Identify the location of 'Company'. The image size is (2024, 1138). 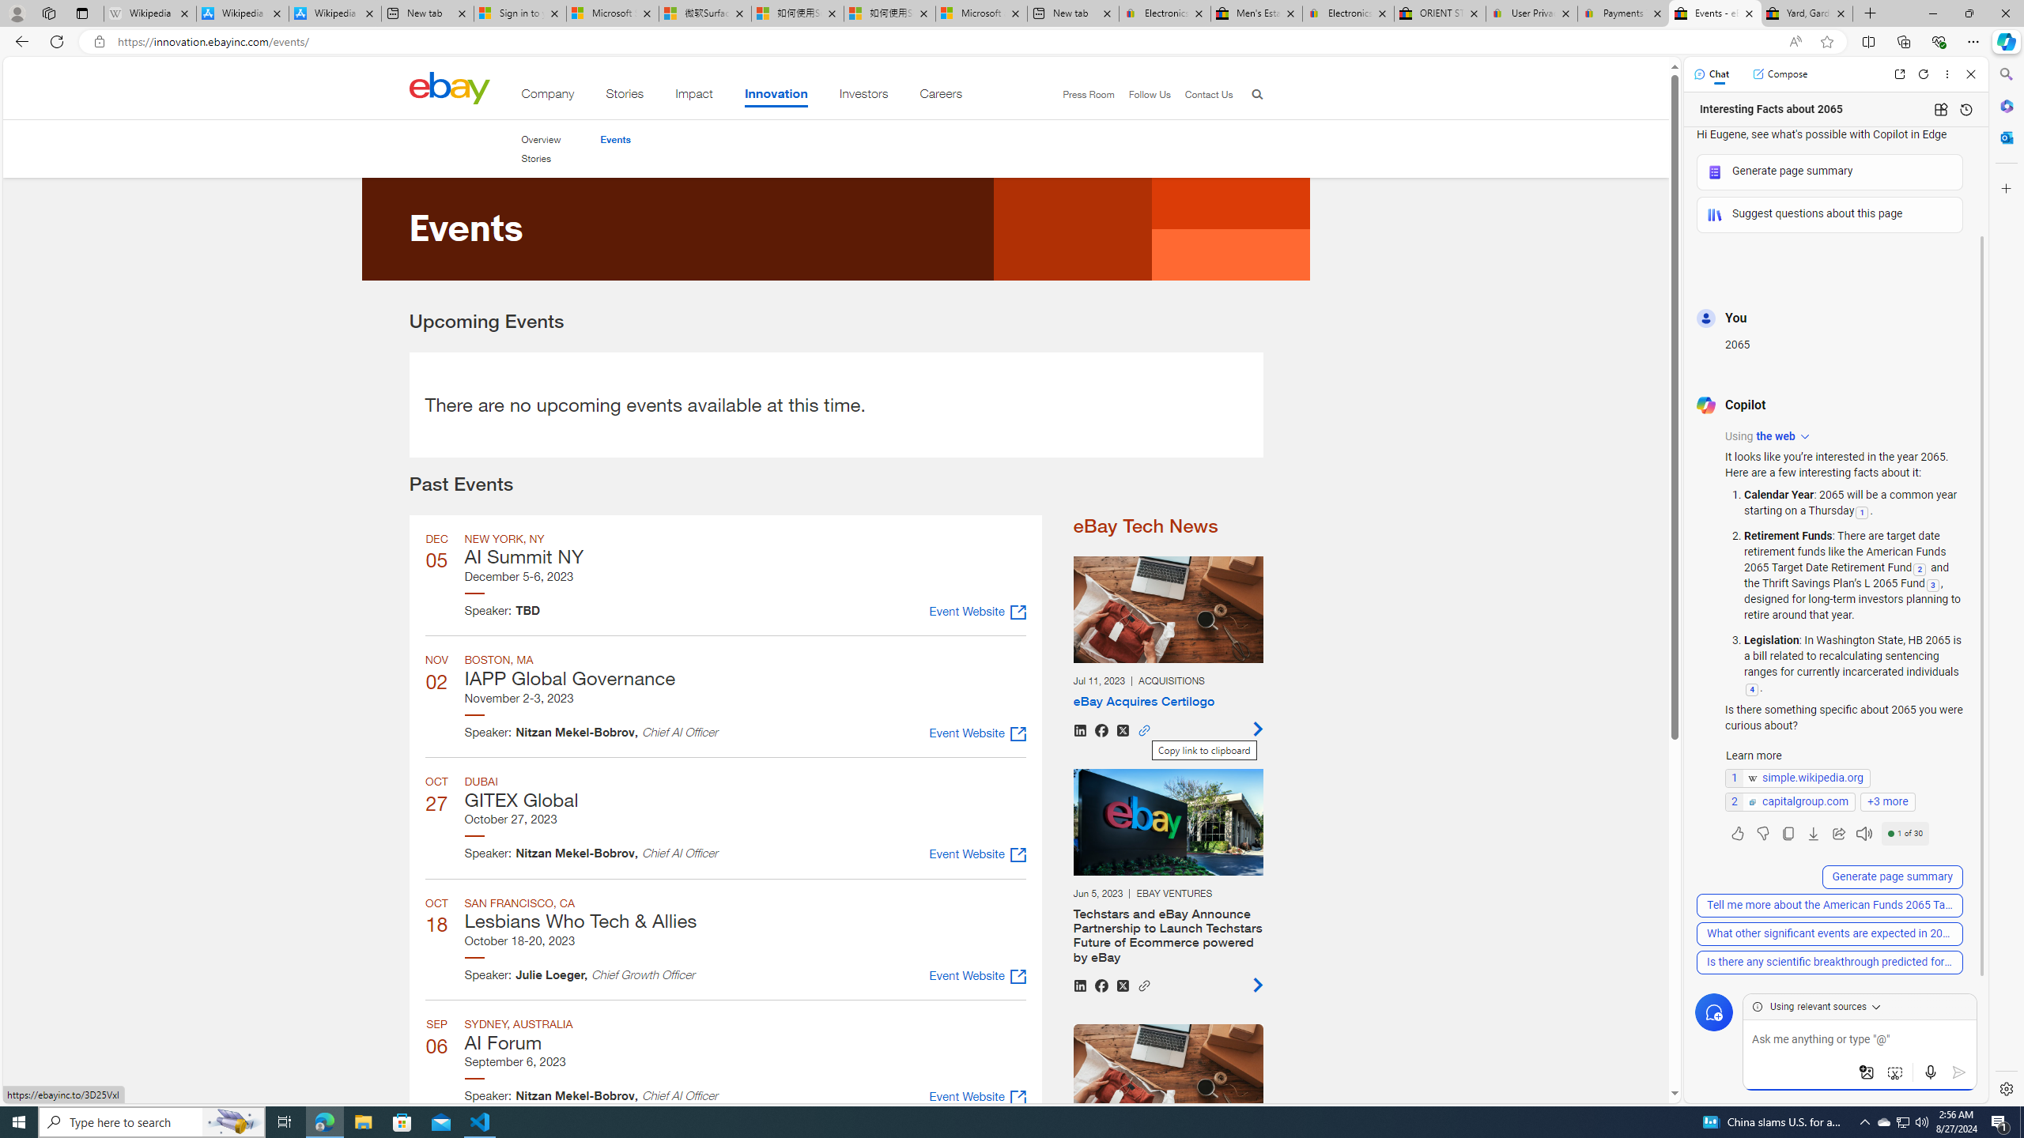
(547, 96).